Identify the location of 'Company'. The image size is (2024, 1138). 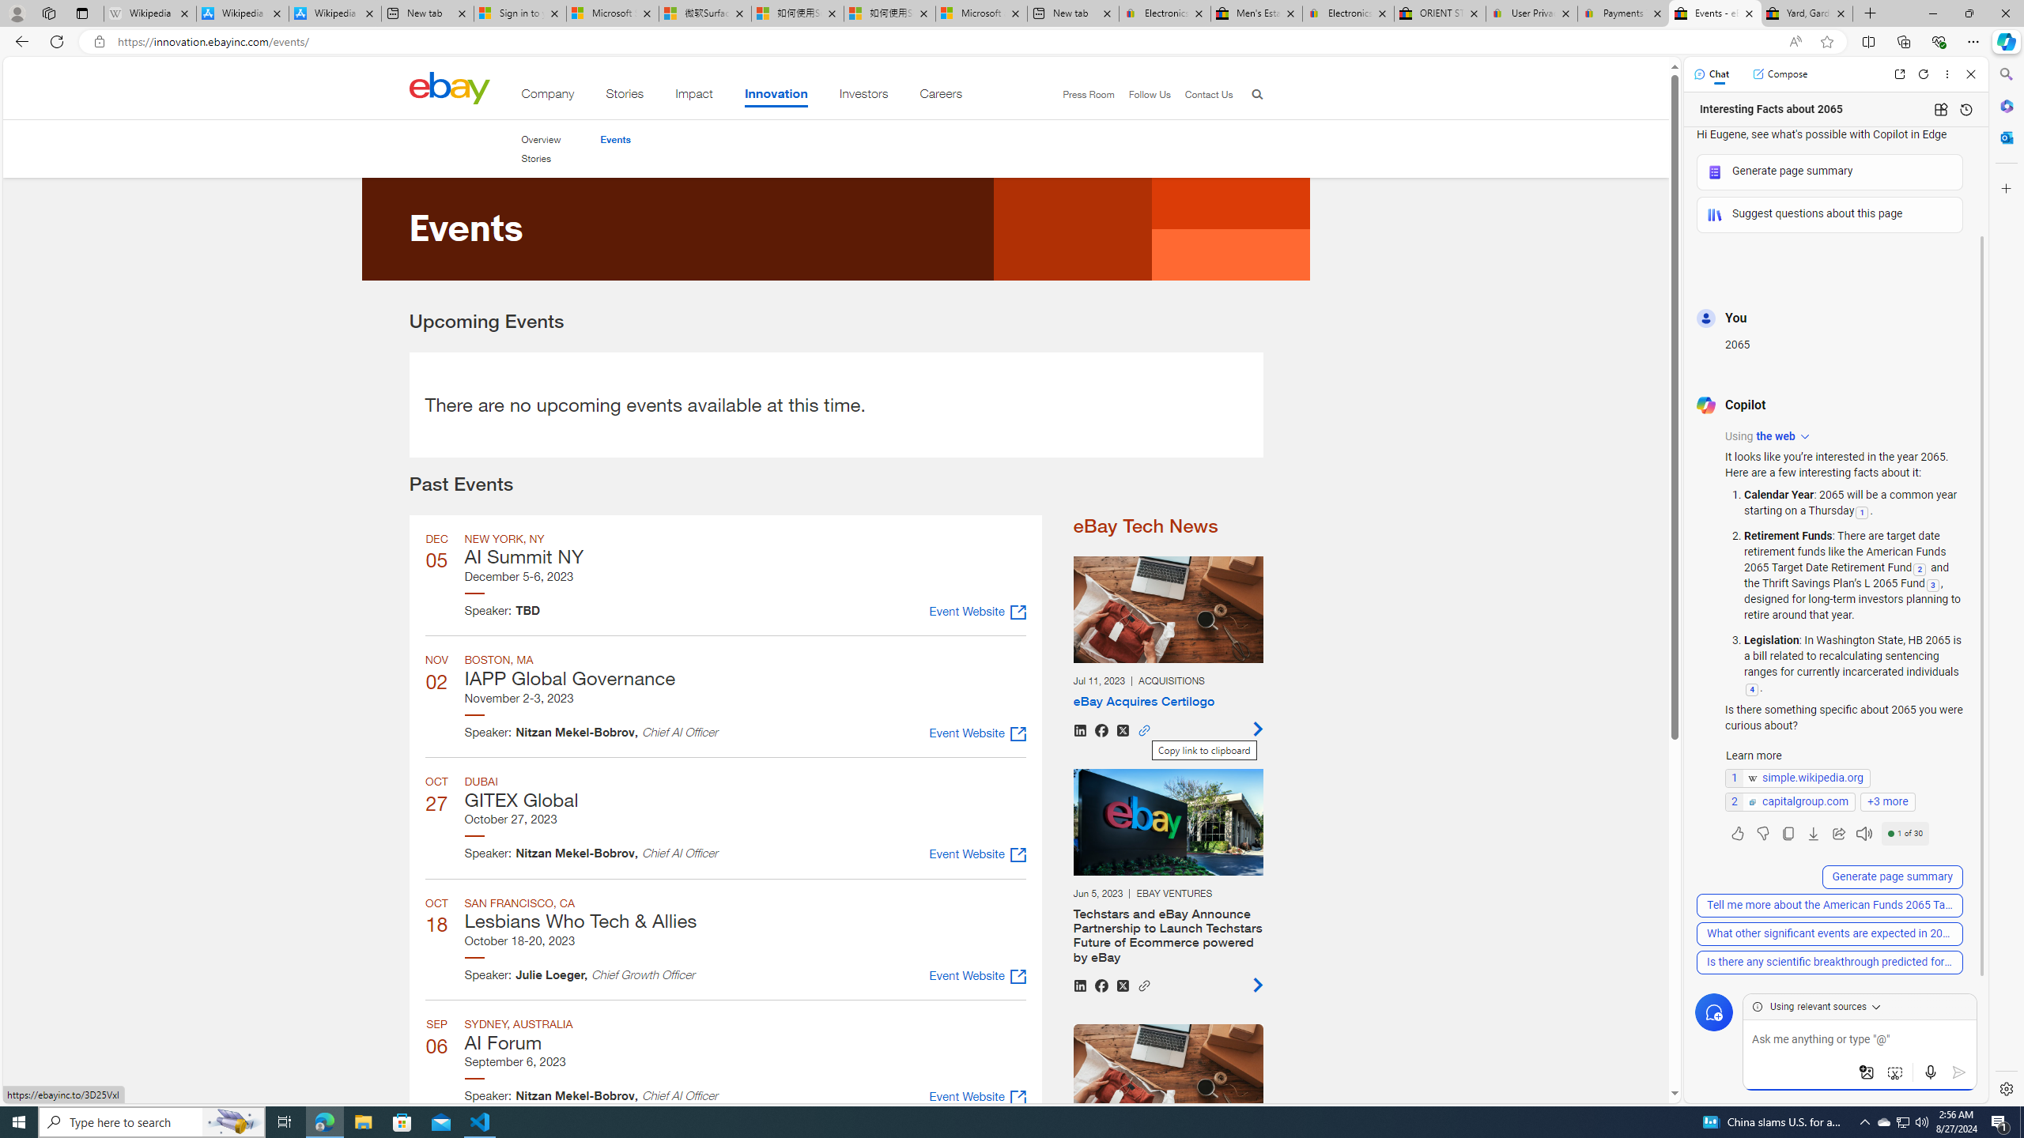
(547, 96).